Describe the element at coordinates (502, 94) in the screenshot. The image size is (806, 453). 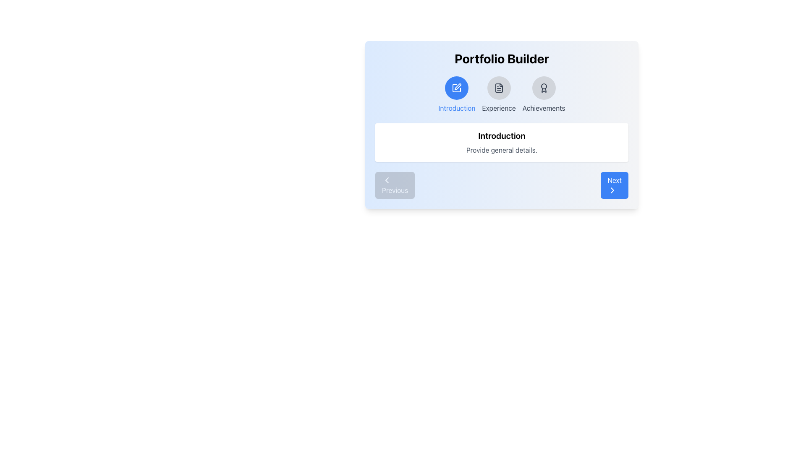
I see `the highlighted 'Experience' icon or label in the Navigation bar` at that location.